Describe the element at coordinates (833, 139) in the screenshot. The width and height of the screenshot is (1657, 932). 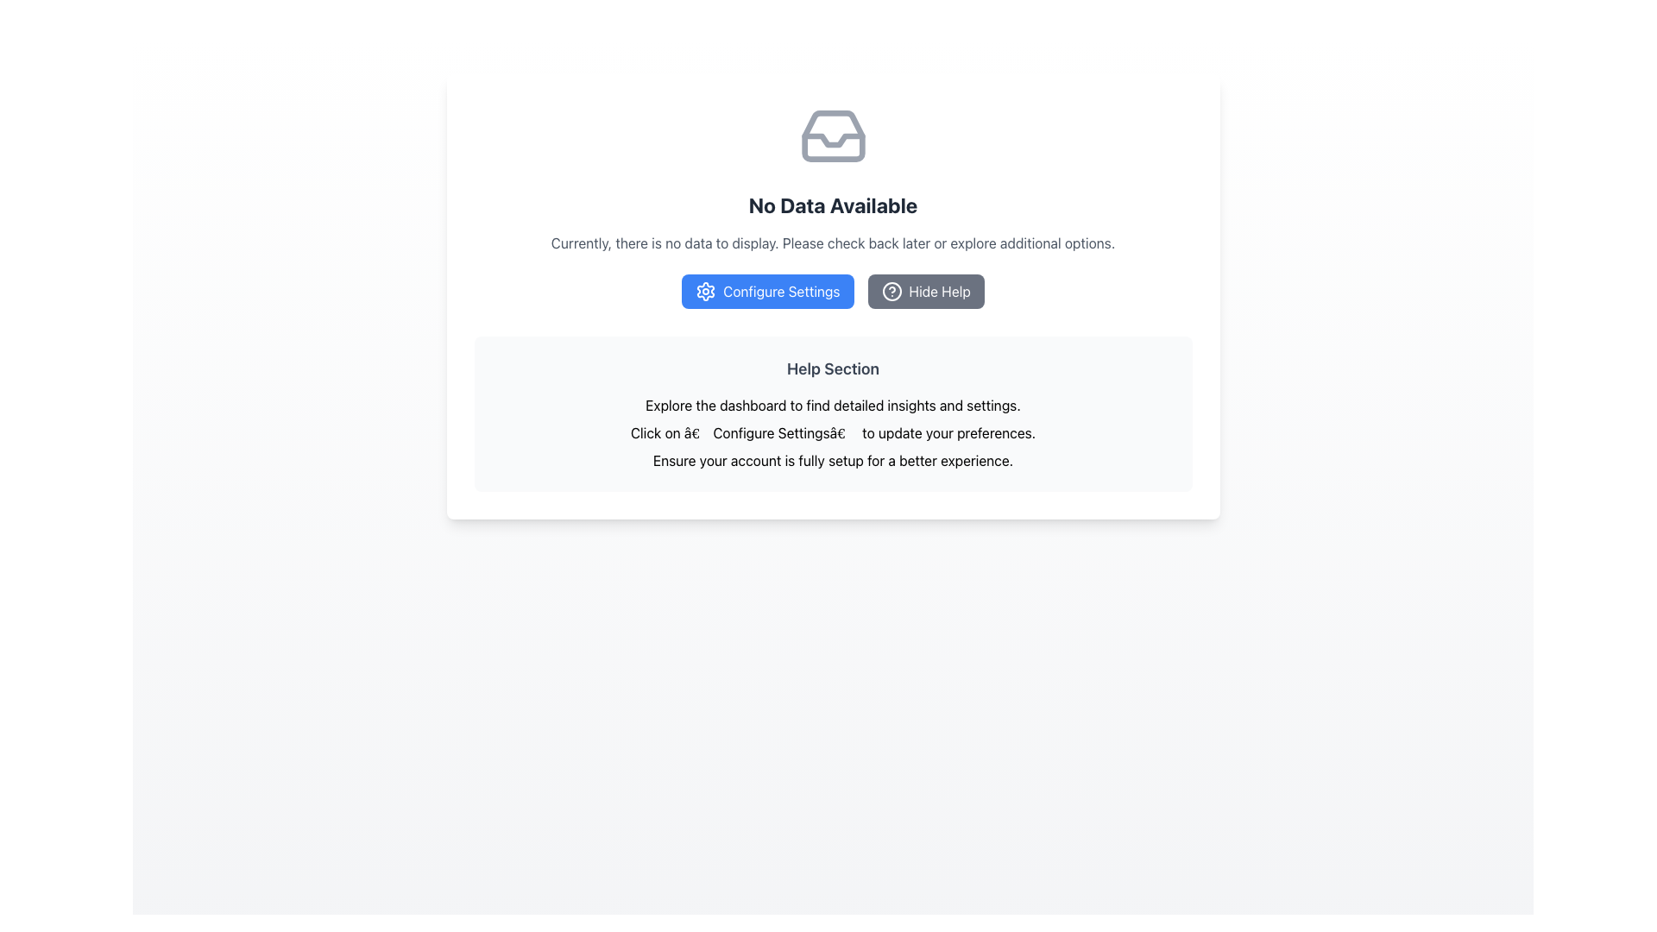
I see `the central V-shaped tip of the envelope icon, which has a gray stroke and a minimalist style, located at the midpoint of the envelope lid` at that location.